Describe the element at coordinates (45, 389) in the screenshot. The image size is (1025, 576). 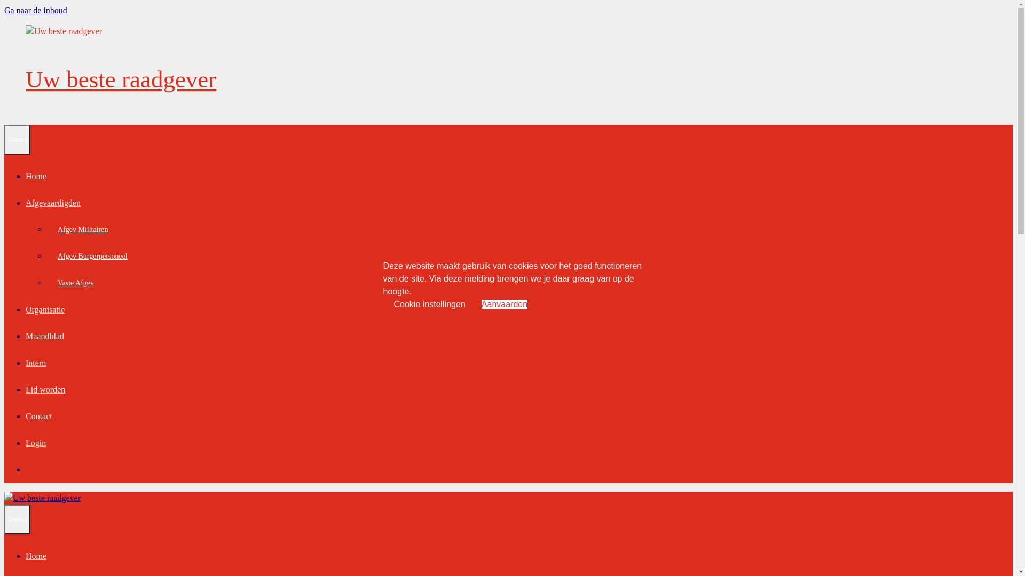
I see `'Lid worden'` at that location.